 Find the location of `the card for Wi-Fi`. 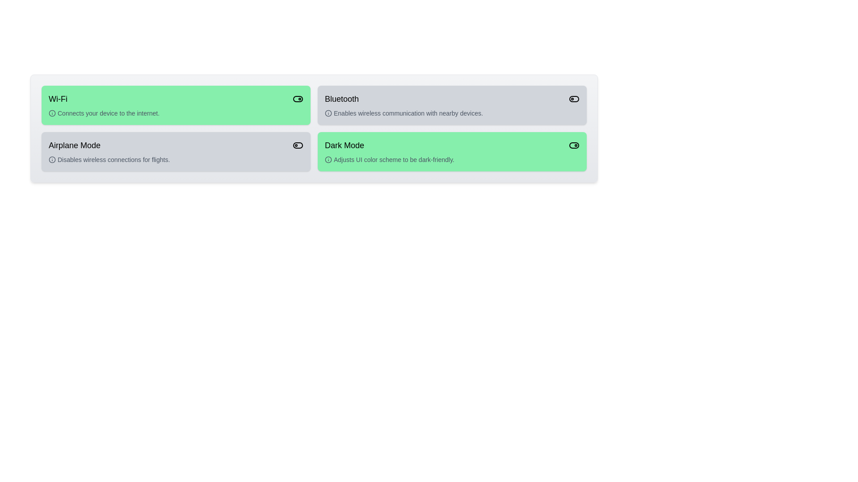

the card for Wi-Fi is located at coordinates (176, 104).